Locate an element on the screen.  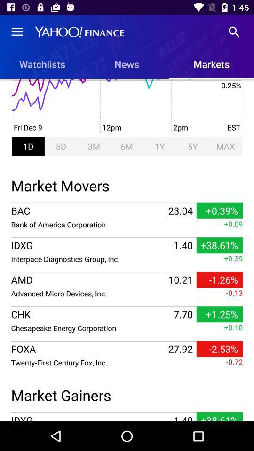
icon next to 1d item is located at coordinates (61, 146).